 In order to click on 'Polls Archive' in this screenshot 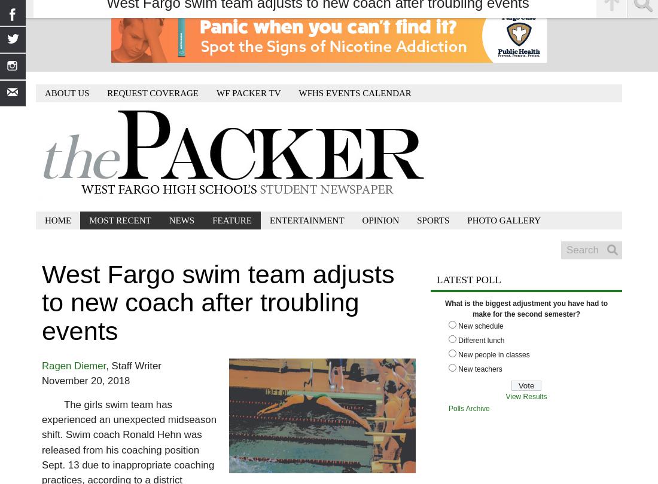, I will do `click(447, 408)`.